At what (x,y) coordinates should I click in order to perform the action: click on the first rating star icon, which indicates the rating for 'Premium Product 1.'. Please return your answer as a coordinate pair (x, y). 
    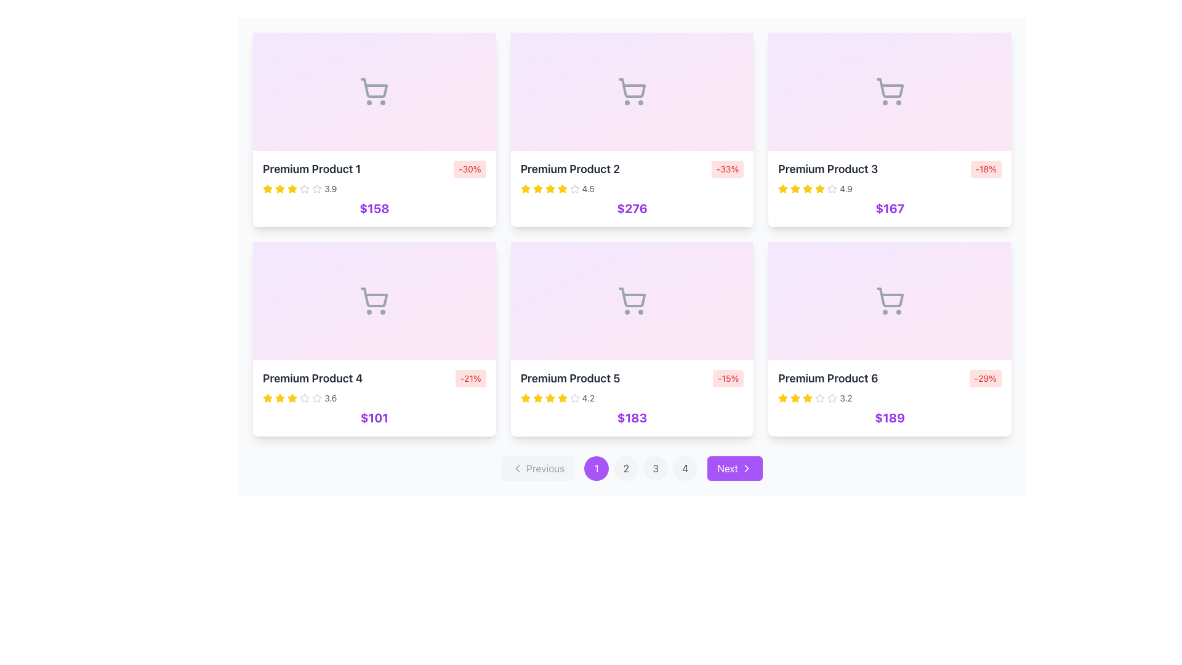
    Looking at the image, I should click on (267, 189).